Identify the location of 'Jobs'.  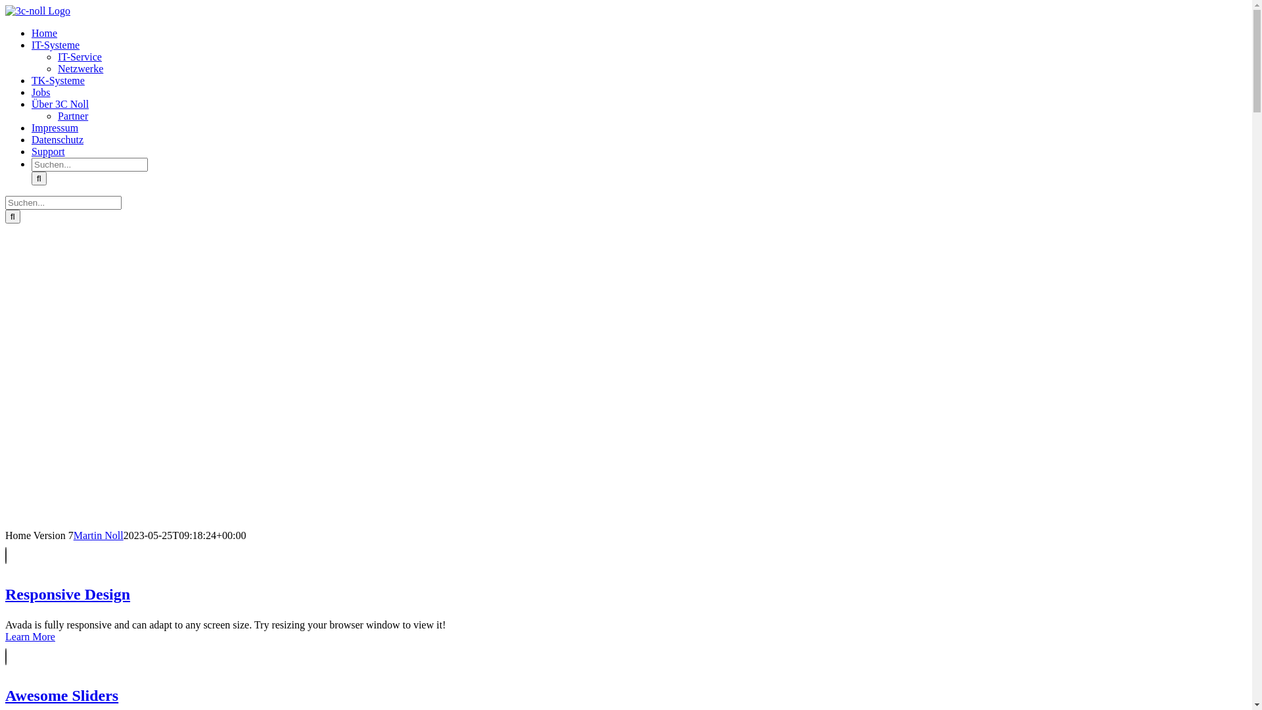
(41, 91).